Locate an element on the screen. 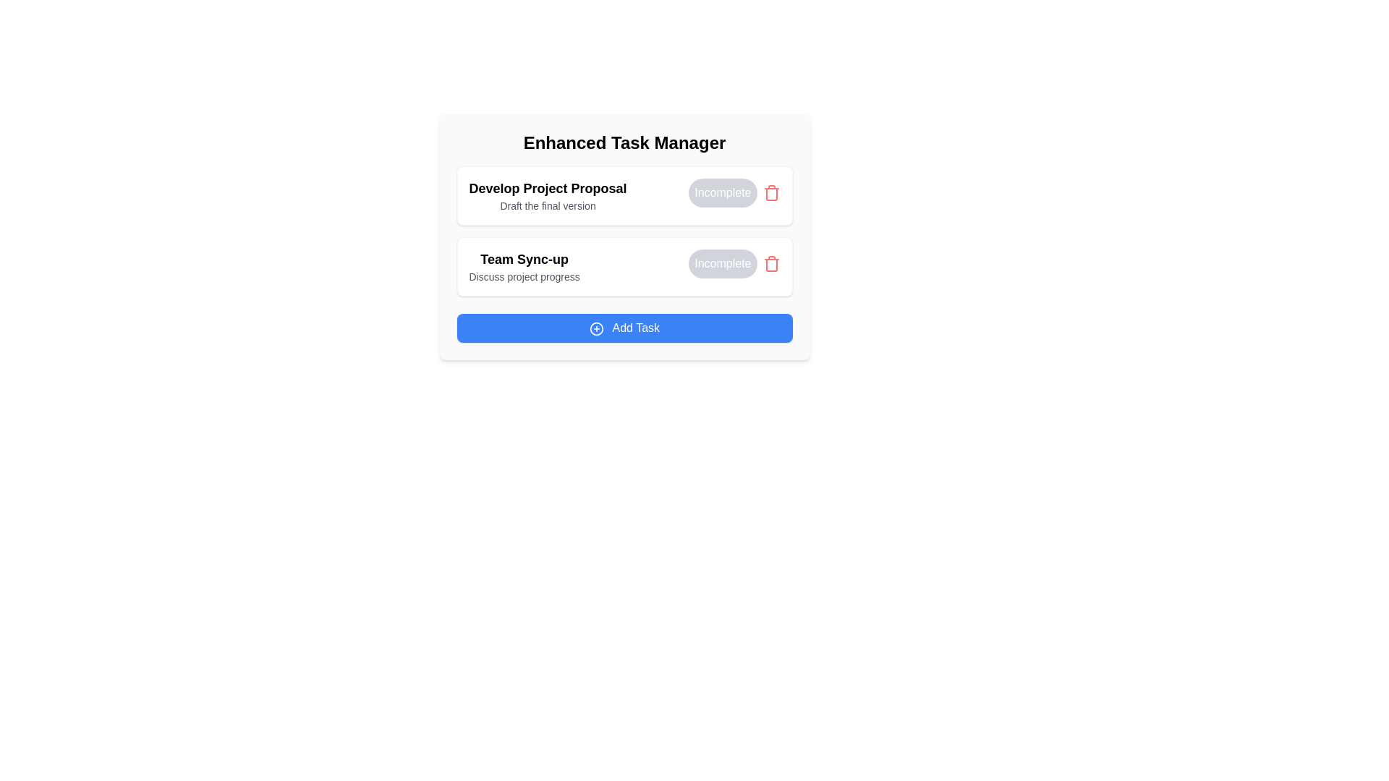  descriptive text label located directly under the heading 'Develop Project Proposal' in the upper section of the interface is located at coordinates (547, 206).